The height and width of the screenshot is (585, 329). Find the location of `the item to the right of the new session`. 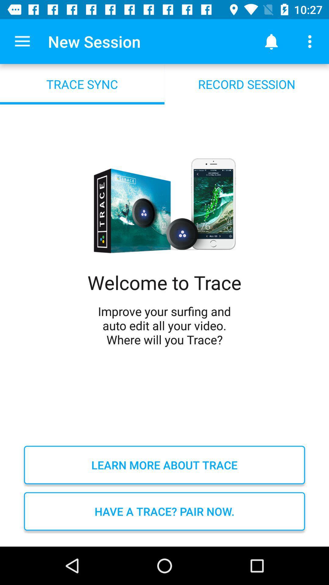

the item to the right of the new session is located at coordinates (271, 41).